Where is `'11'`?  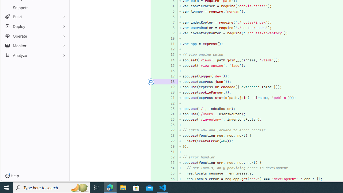
'11' is located at coordinates (170, 44).